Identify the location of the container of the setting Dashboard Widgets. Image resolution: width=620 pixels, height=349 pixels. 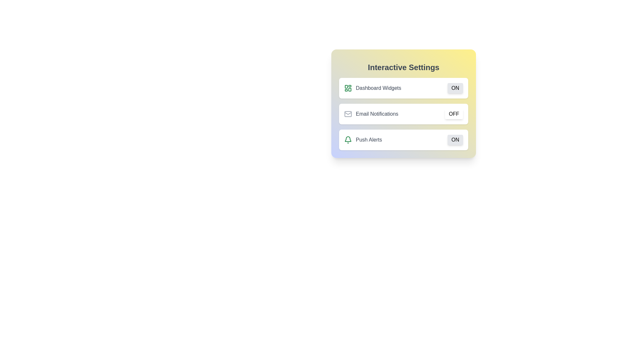
(403, 88).